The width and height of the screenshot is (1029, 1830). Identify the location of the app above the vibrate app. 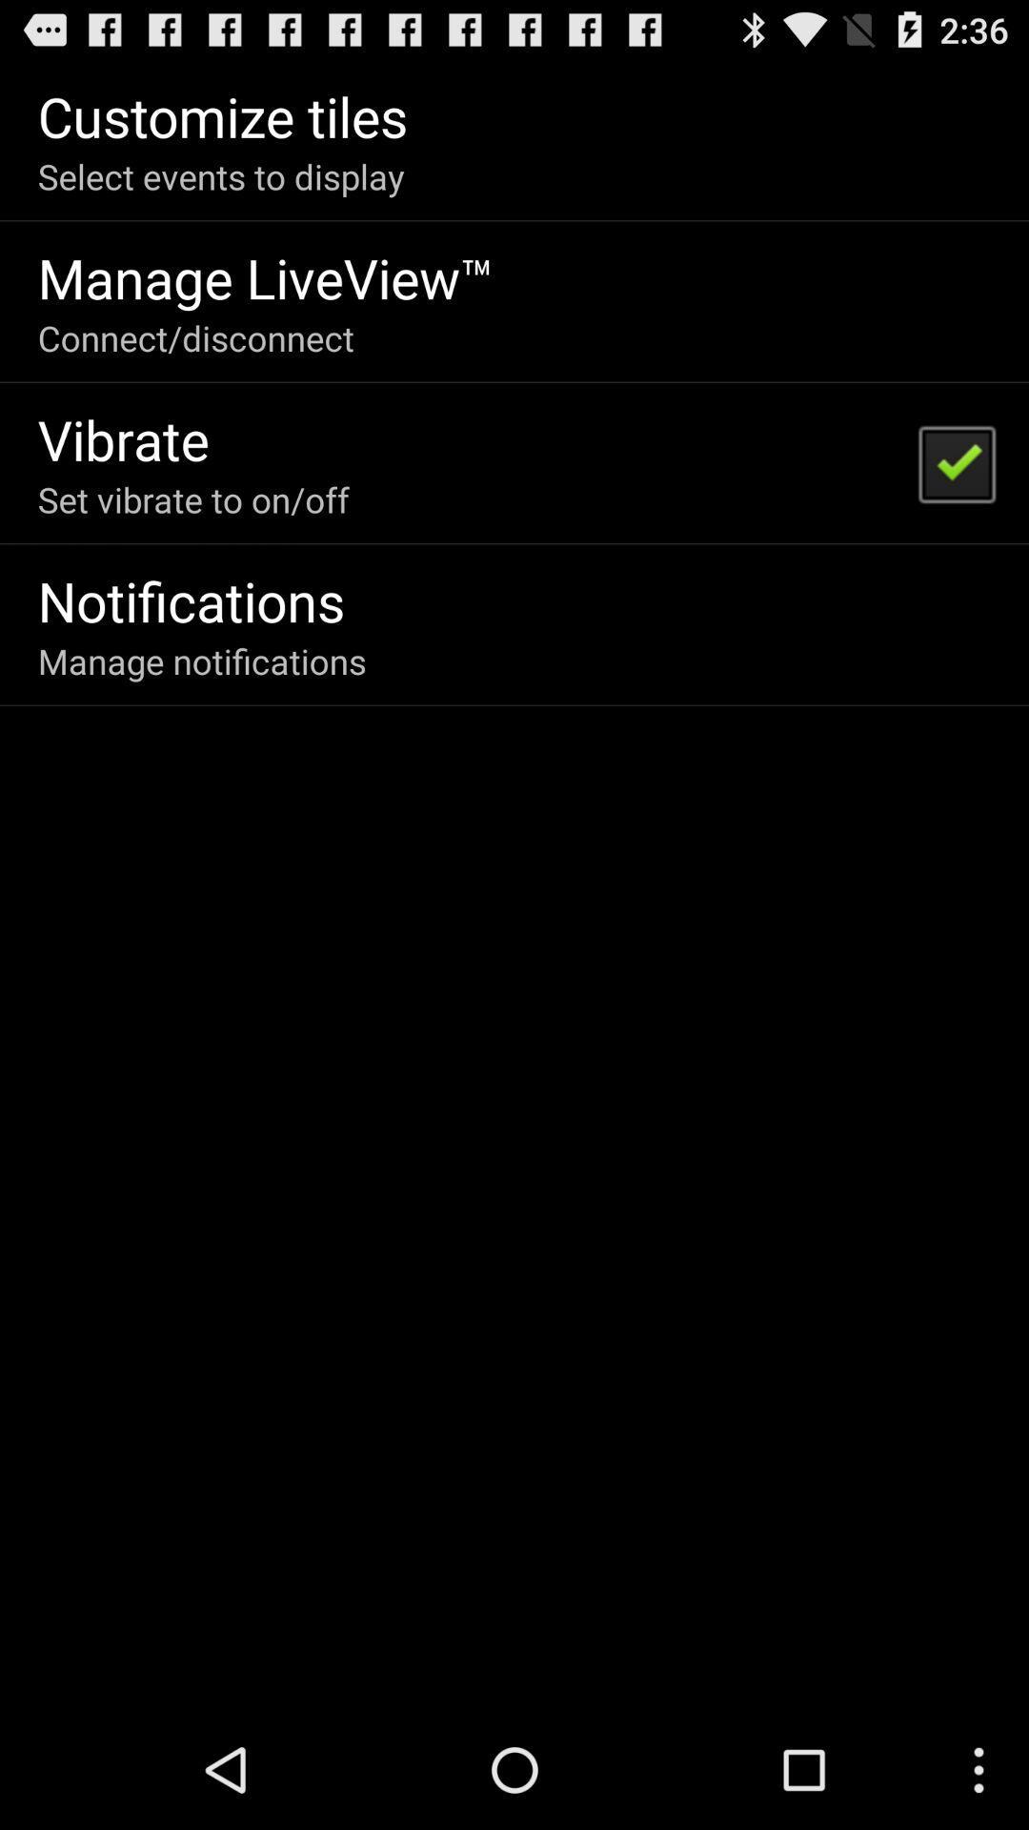
(195, 337).